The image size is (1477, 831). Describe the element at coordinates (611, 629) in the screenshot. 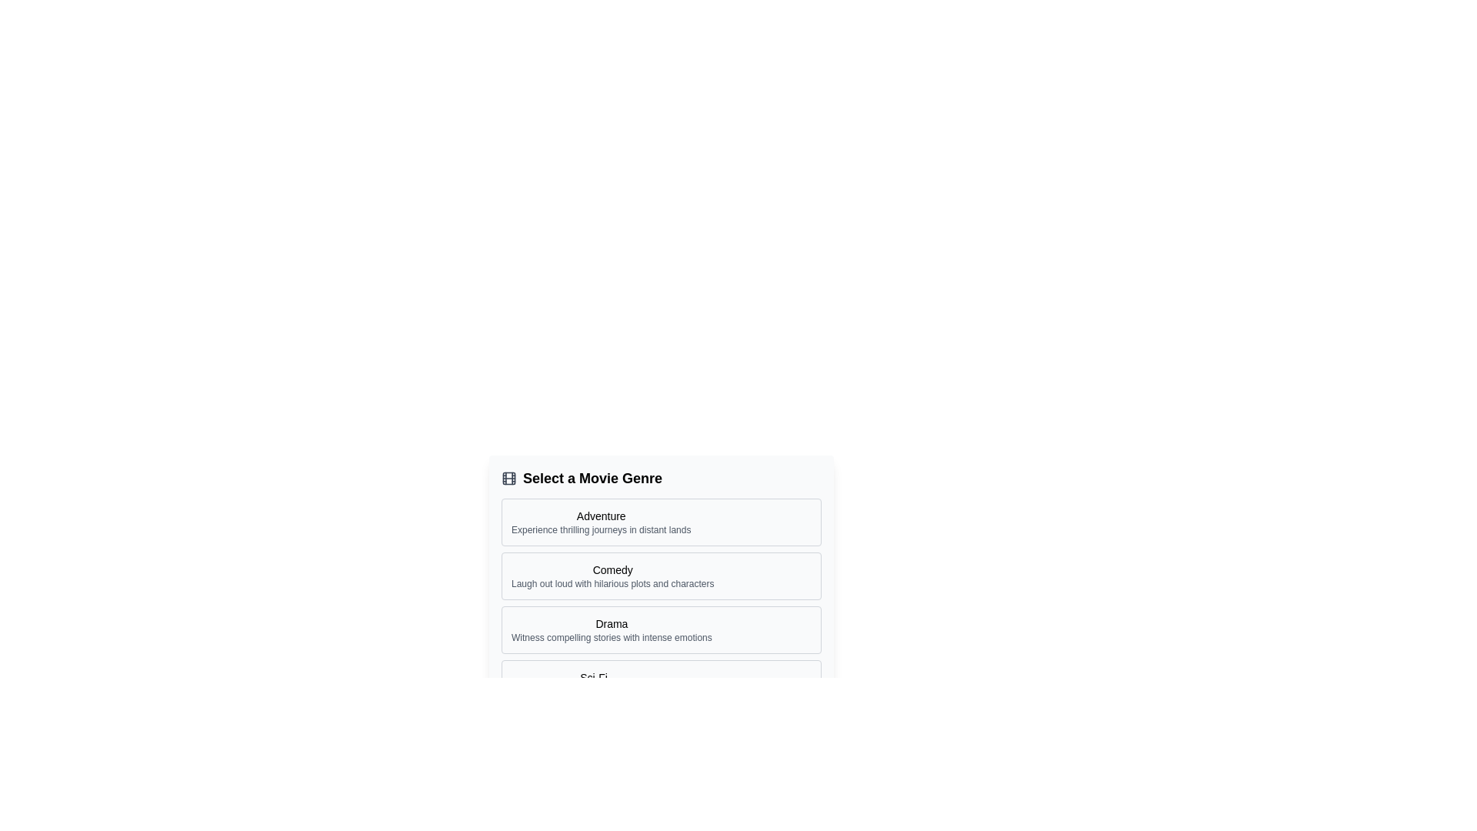

I see `the selectable item representing the 'Drama' genre in the list of movie genres` at that location.